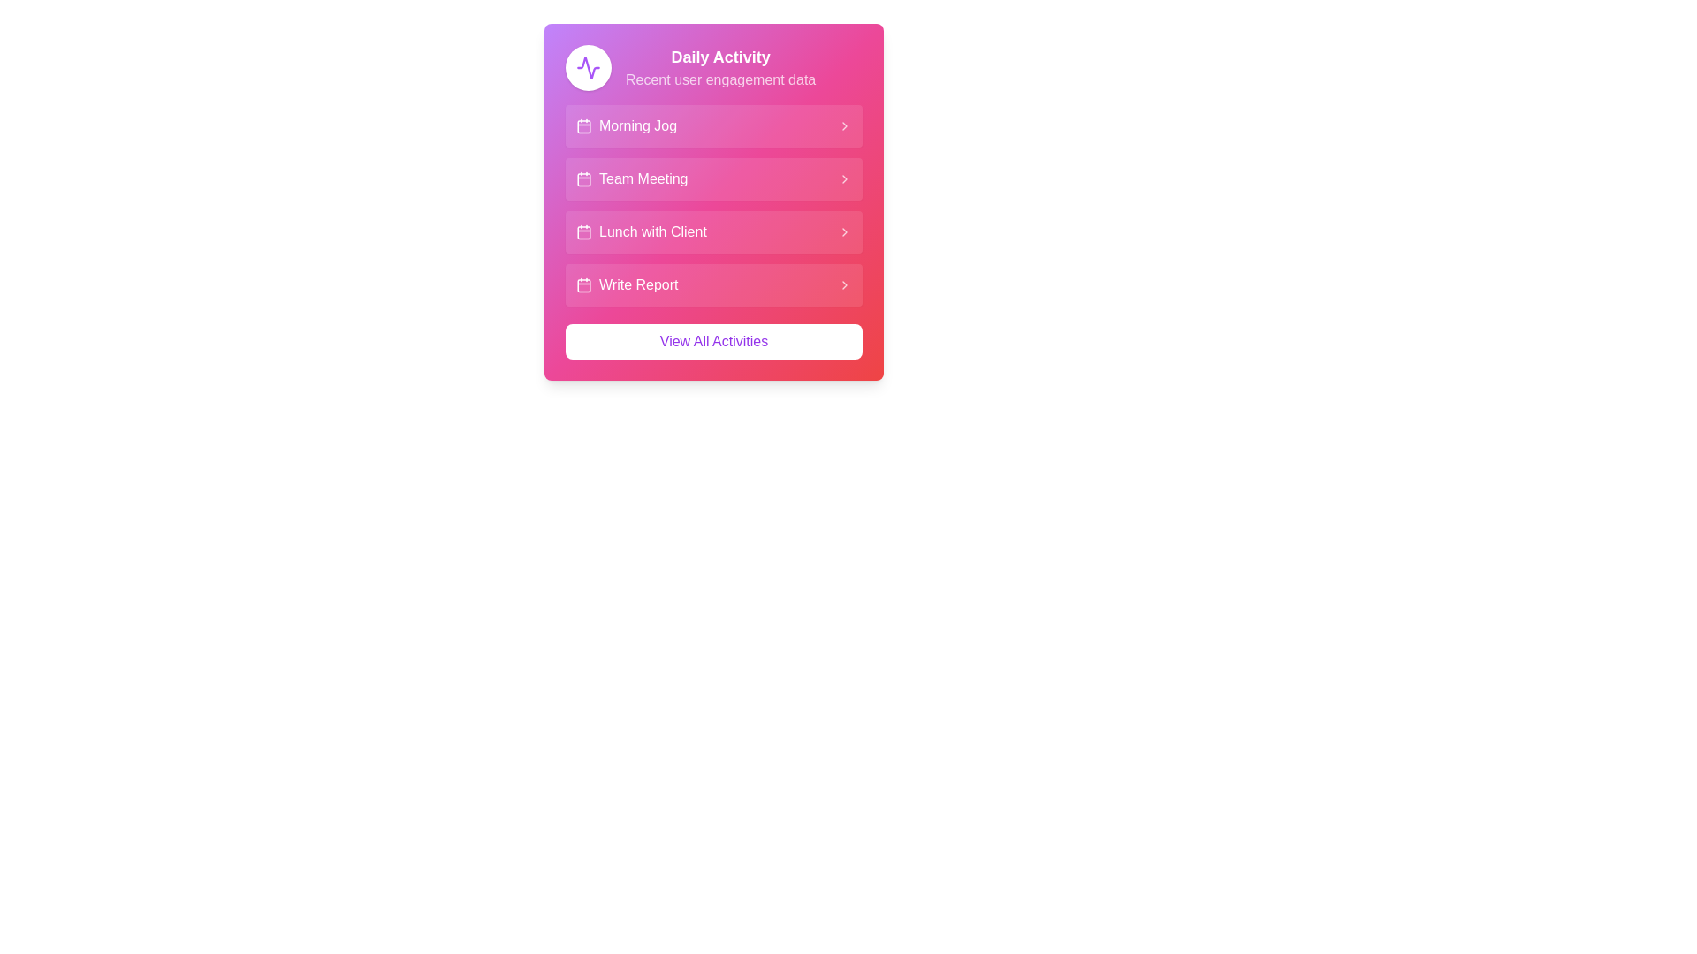 The height and width of the screenshot is (954, 1697). I want to click on the calendar icon element, which is styled with a white outline and located to the left of the 'Write Report' text in the fourth row of the 'Daily Activity' widget, so click(584, 284).